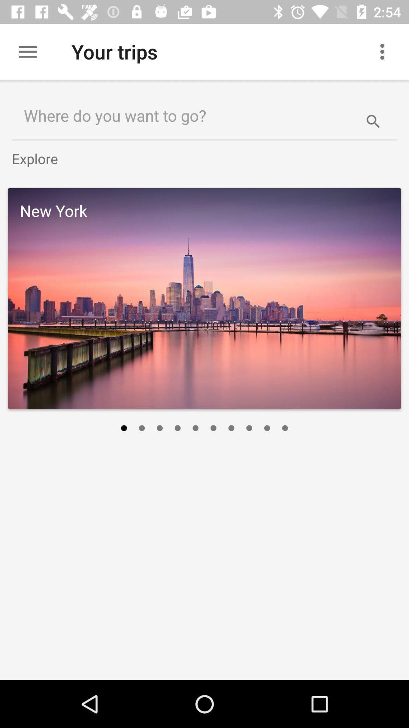 Image resolution: width=409 pixels, height=728 pixels. Describe the element at coordinates (373, 115) in the screenshot. I see `item next to the where do you icon` at that location.